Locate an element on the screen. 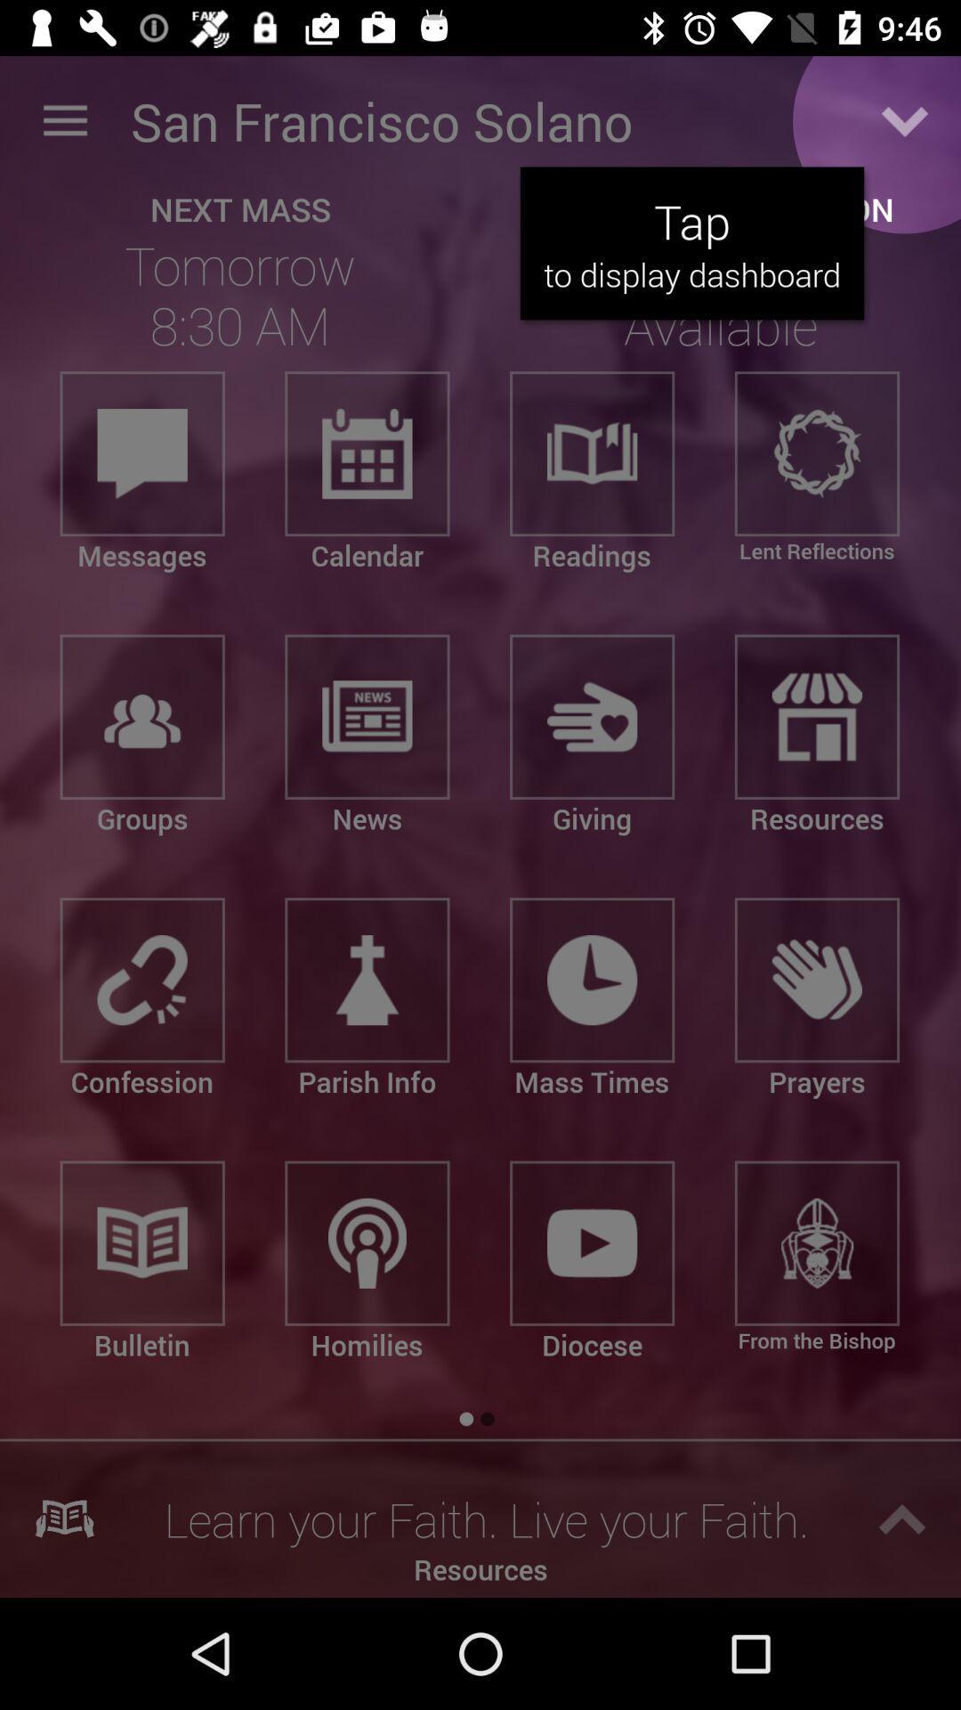 This screenshot has width=961, height=1710. the icon next to san francisco solano icon is located at coordinates (905, 120).